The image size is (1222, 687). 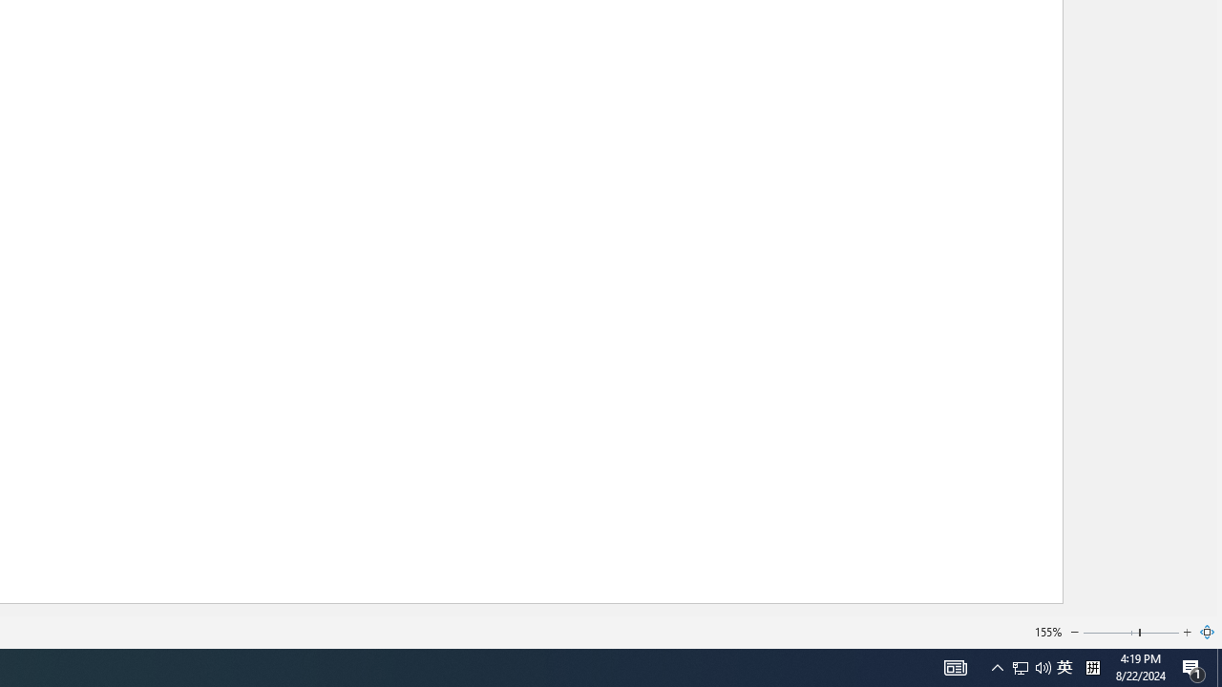 What do you see at coordinates (1110, 633) in the screenshot?
I see `'Page left'` at bounding box center [1110, 633].